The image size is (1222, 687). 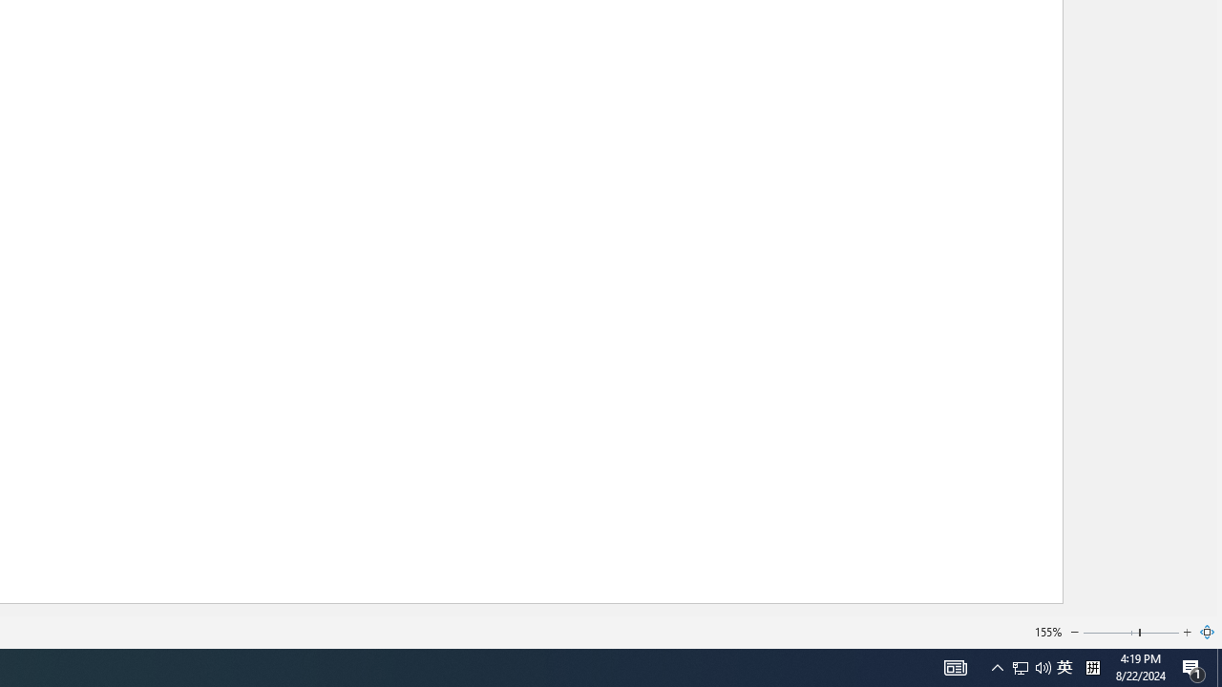 What do you see at coordinates (1110, 633) in the screenshot?
I see `'Page left'` at bounding box center [1110, 633].